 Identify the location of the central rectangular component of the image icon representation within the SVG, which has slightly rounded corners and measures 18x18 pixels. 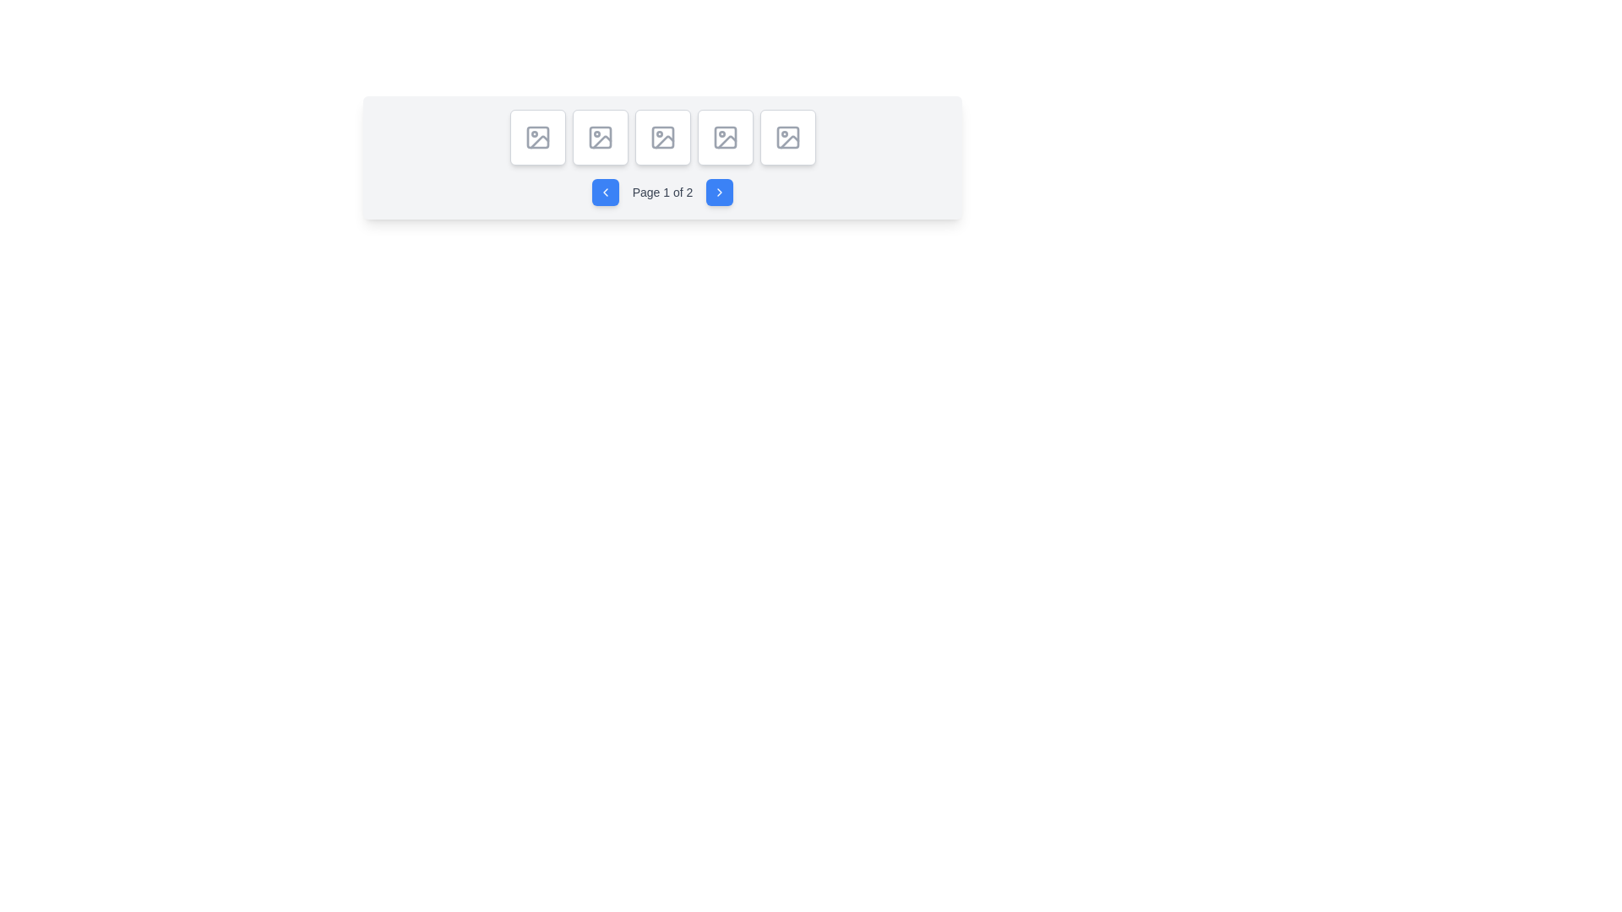
(661, 136).